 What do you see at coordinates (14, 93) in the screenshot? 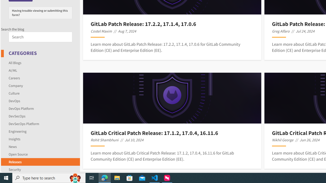
I see `'Culture'` at bounding box center [14, 93].